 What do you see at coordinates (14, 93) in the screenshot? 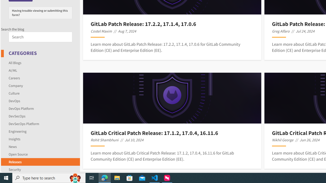
I see `'Culture'` at bounding box center [14, 93].